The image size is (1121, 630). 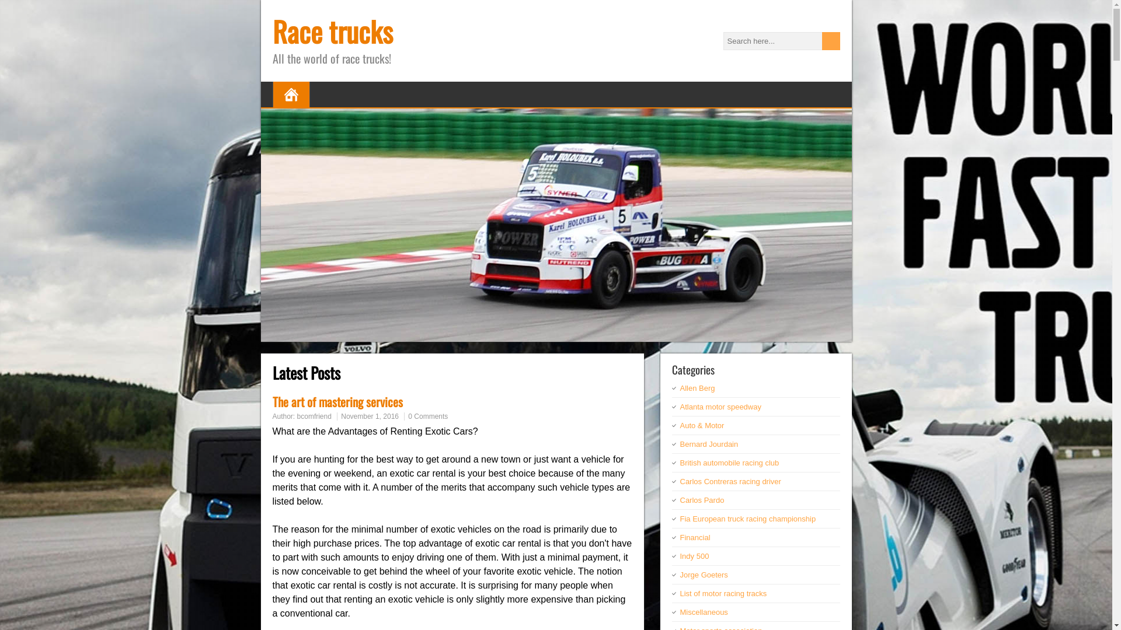 I want to click on 'Carlos Contreras racing driver', so click(x=729, y=481).